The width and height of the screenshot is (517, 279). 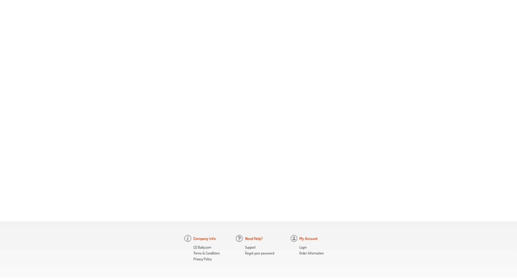 I want to click on 'Order Information', so click(x=311, y=253).